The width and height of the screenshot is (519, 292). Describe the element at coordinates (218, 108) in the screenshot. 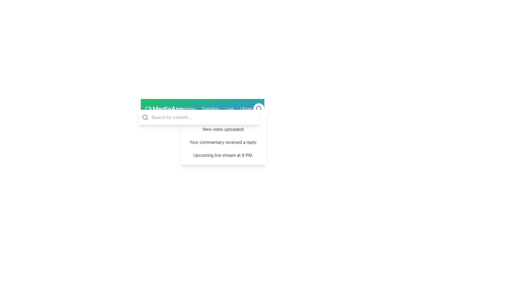

I see `the Navigation Bar element located centrally in the header of the application` at that location.